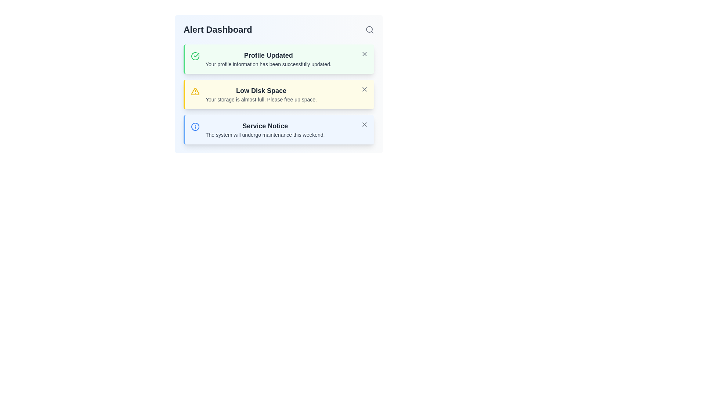 The image size is (705, 397). Describe the element at coordinates (195, 126) in the screenshot. I see `the hollow circle in the 'Service Notice' alert icon located at the center of the Alert Dashboard interface` at that location.